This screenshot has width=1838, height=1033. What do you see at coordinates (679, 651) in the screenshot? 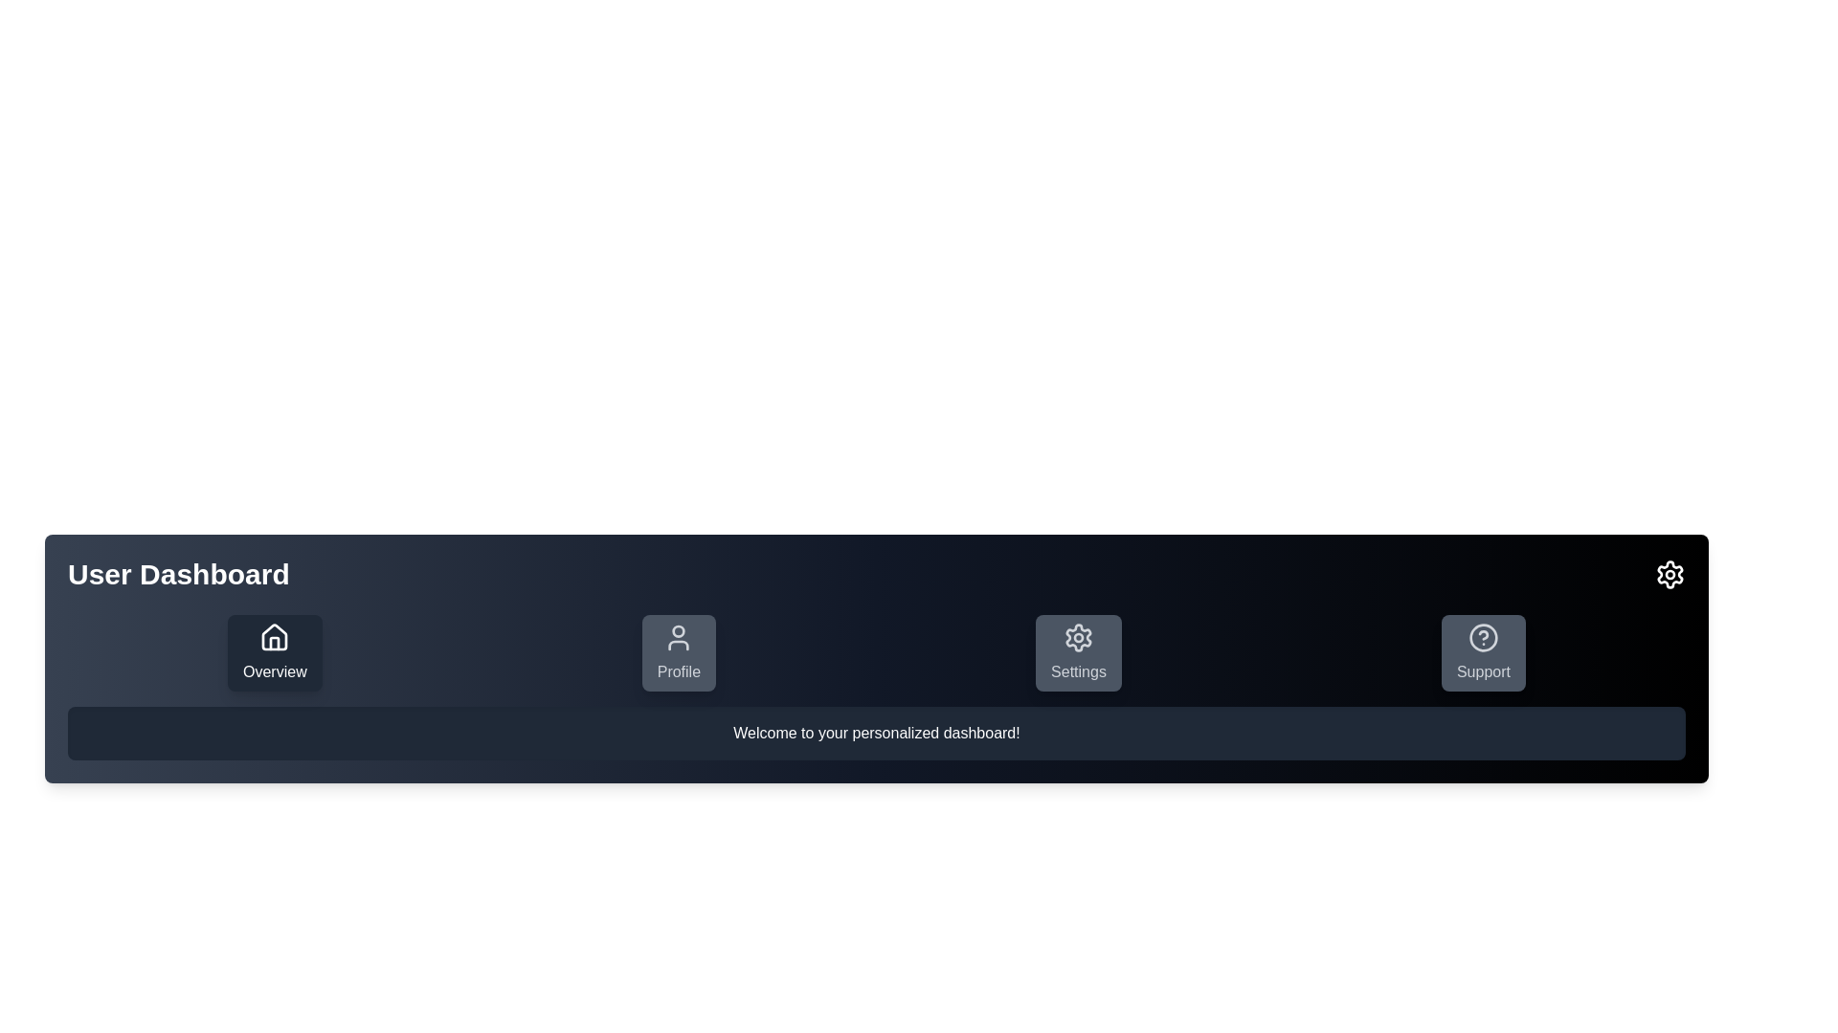
I see `the 'Profile' button, which has a gray background and white text` at bounding box center [679, 651].